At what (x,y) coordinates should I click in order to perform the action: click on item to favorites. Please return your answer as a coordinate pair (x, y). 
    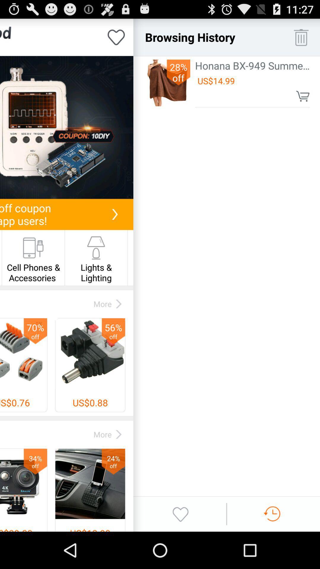
    Looking at the image, I should click on (116, 37).